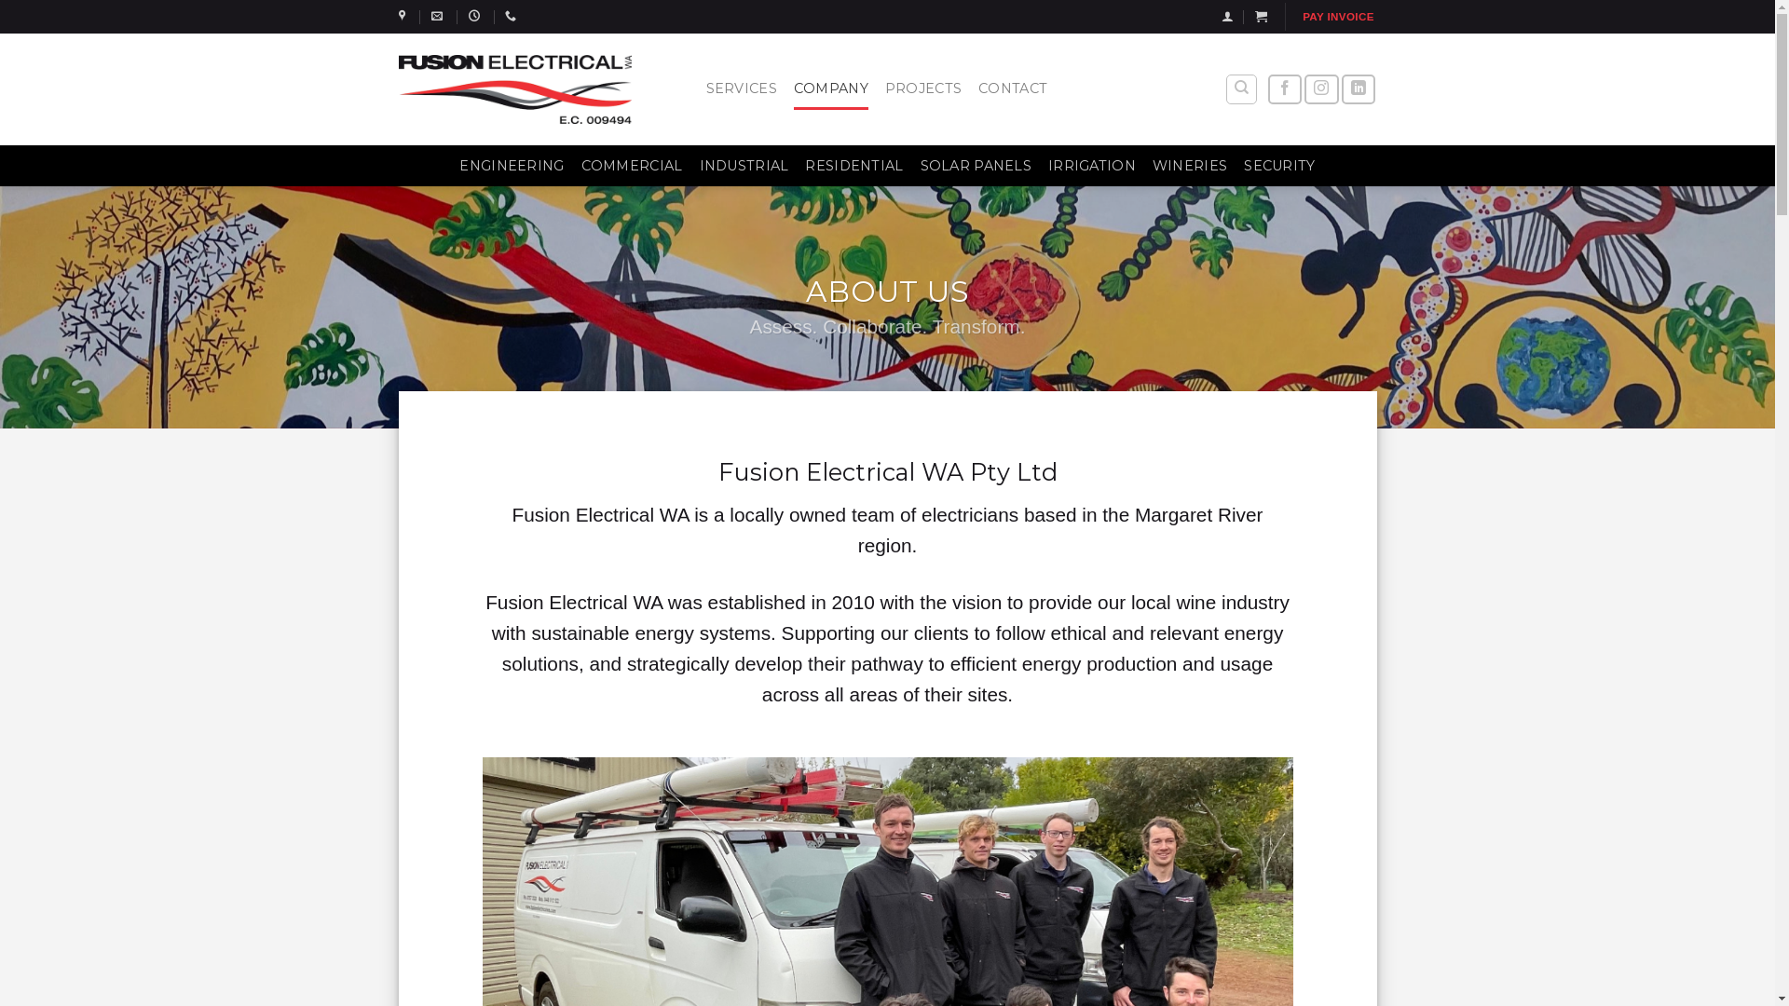  I want to click on 'IRRIGATION', so click(1047, 164).